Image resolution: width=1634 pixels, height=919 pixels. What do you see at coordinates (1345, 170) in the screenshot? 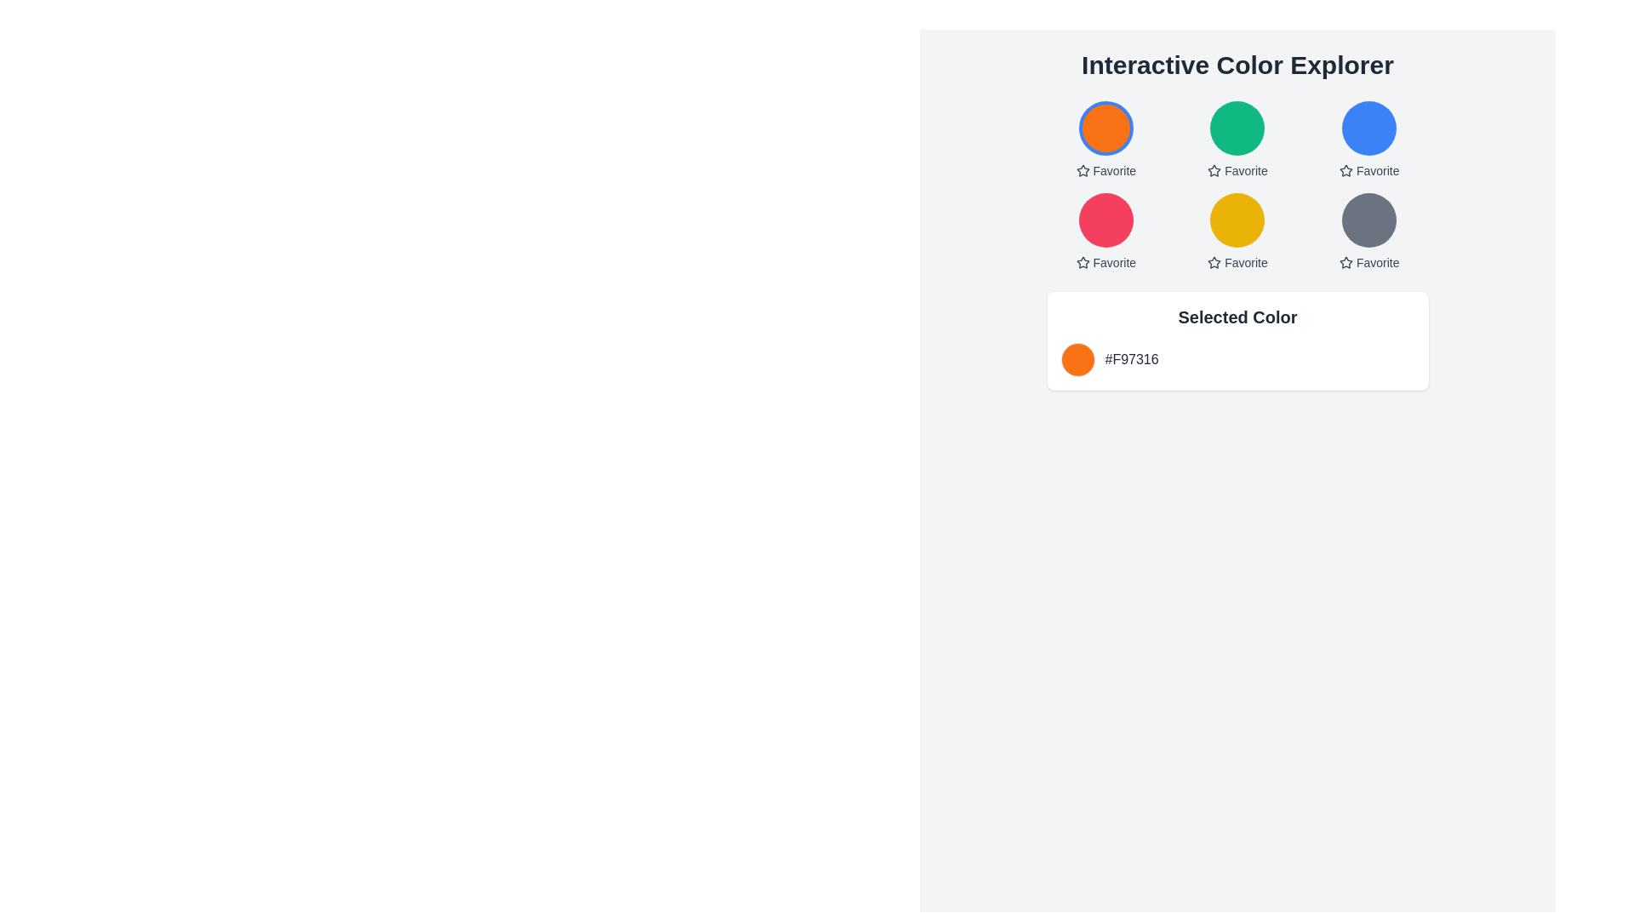
I see `the star icon next to the text 'Favorite' in the 'Interactive Color Explorer' section to mark the item as favorite` at bounding box center [1345, 170].